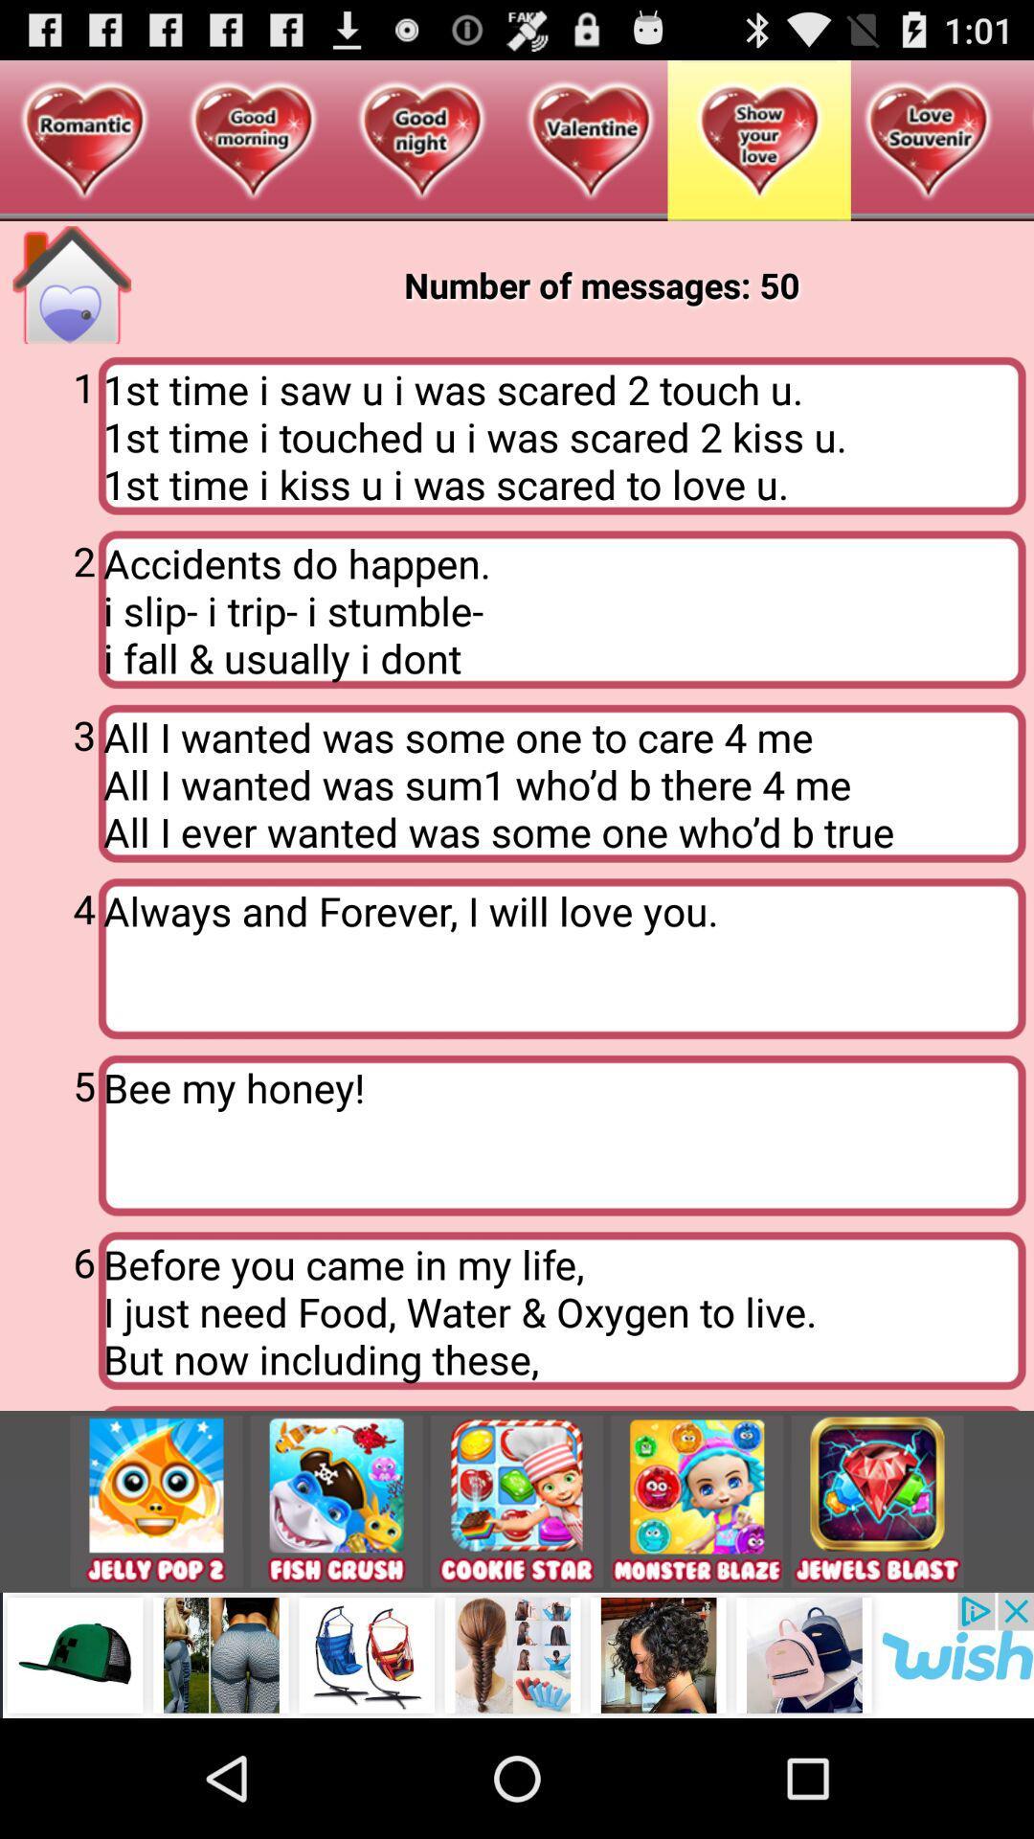 The image size is (1034, 1839). I want to click on the avatar icon, so click(697, 1607).